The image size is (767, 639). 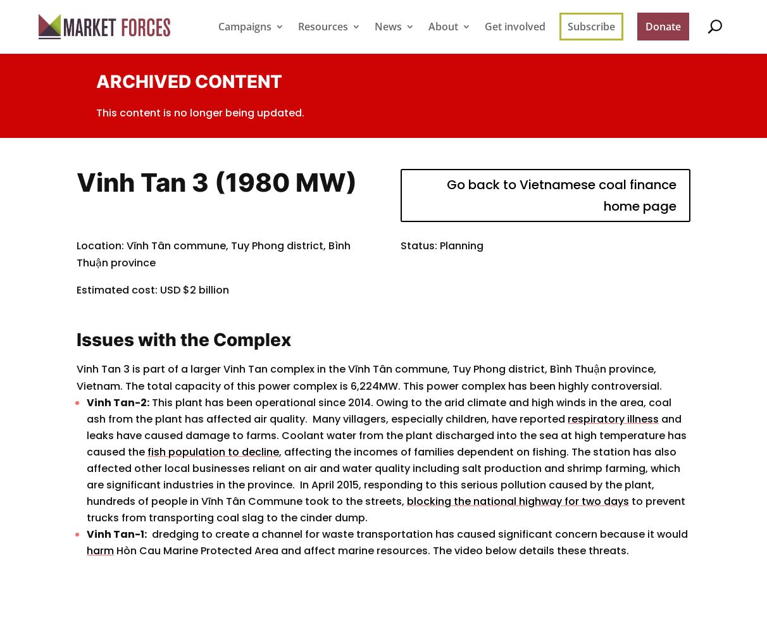 What do you see at coordinates (86, 533) in the screenshot?
I see `'Vinh Tan-1:'` at bounding box center [86, 533].